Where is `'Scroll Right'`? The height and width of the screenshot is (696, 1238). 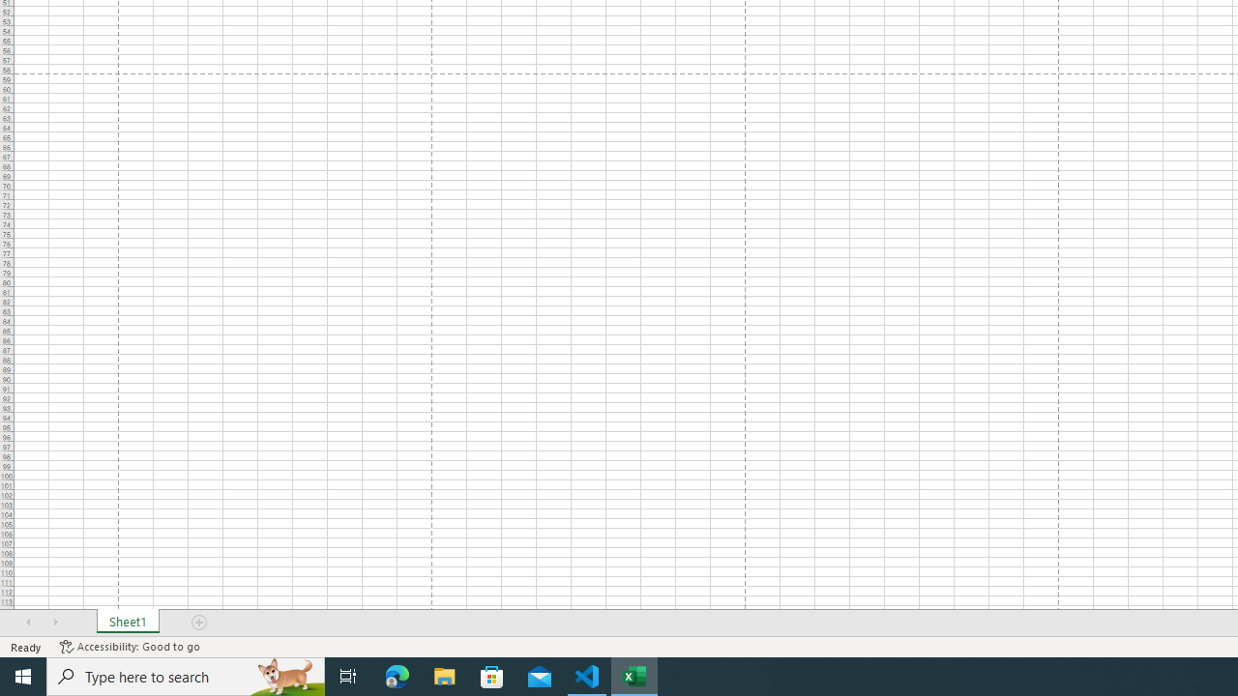 'Scroll Right' is located at coordinates (55, 623).